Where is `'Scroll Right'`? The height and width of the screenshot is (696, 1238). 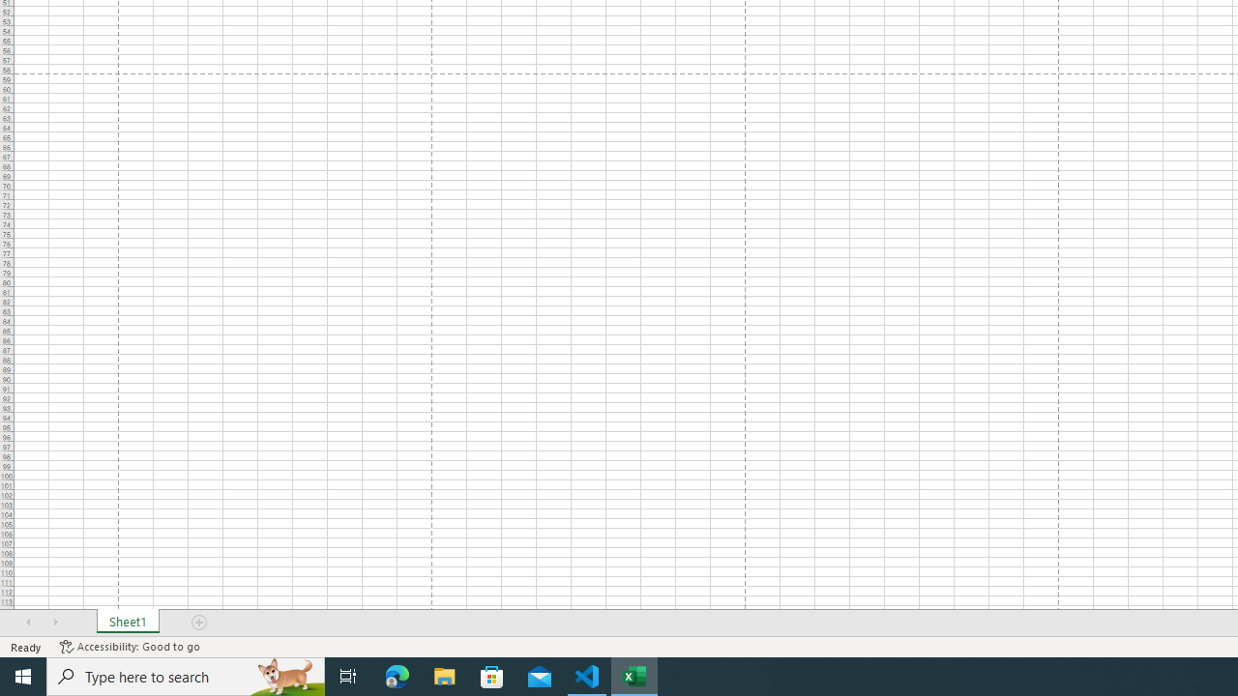 'Scroll Right' is located at coordinates (55, 623).